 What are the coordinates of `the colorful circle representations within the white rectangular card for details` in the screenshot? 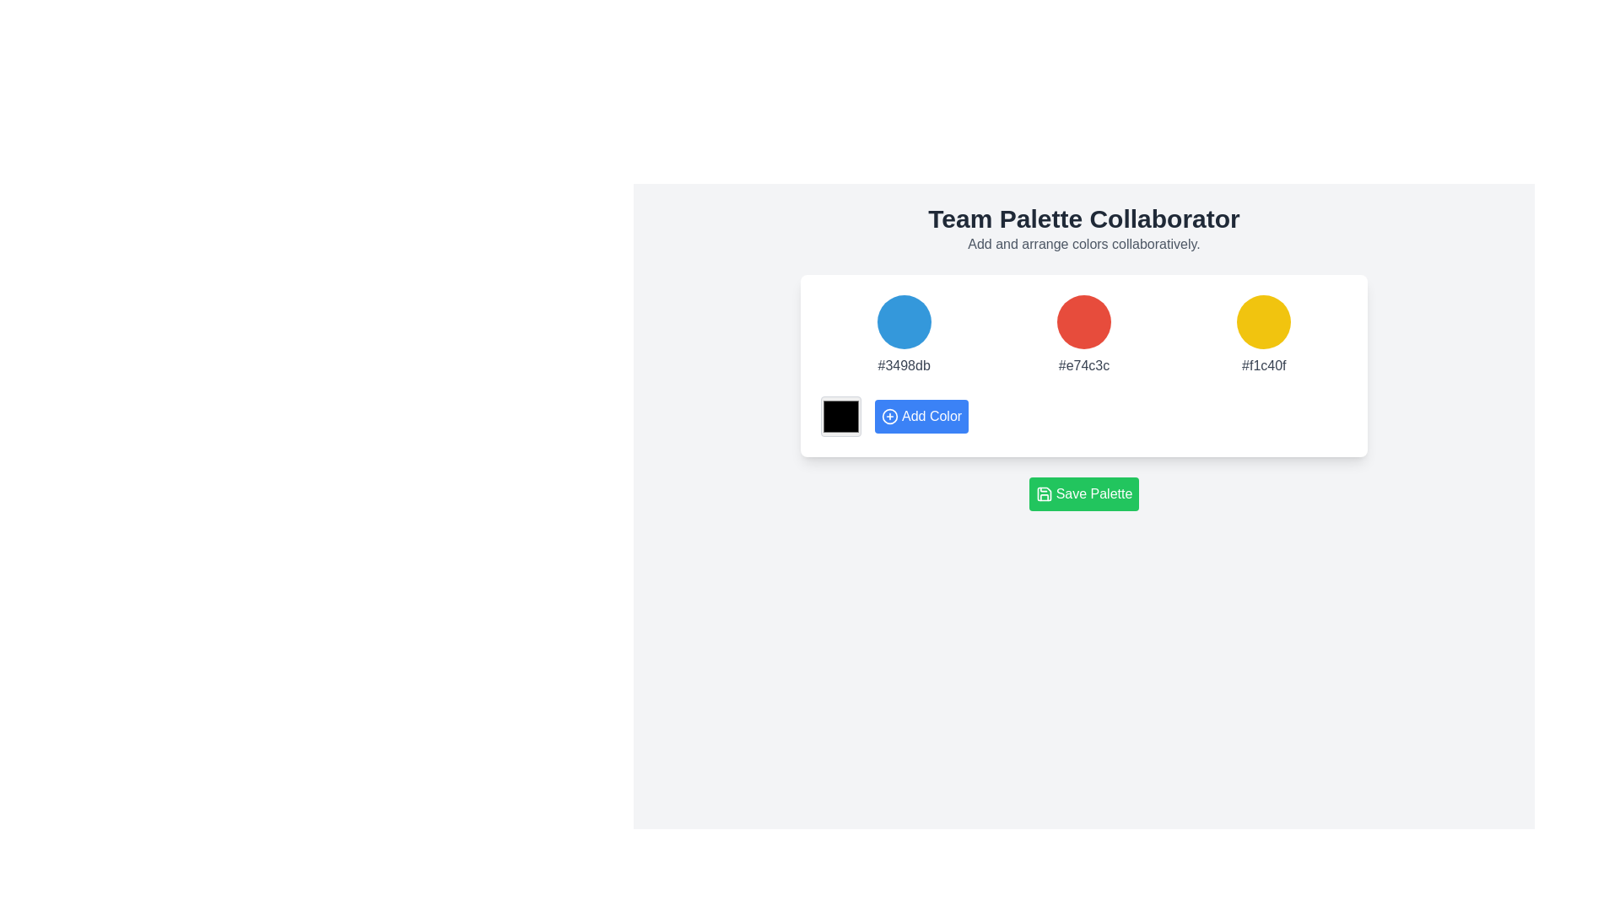 It's located at (1084, 365).